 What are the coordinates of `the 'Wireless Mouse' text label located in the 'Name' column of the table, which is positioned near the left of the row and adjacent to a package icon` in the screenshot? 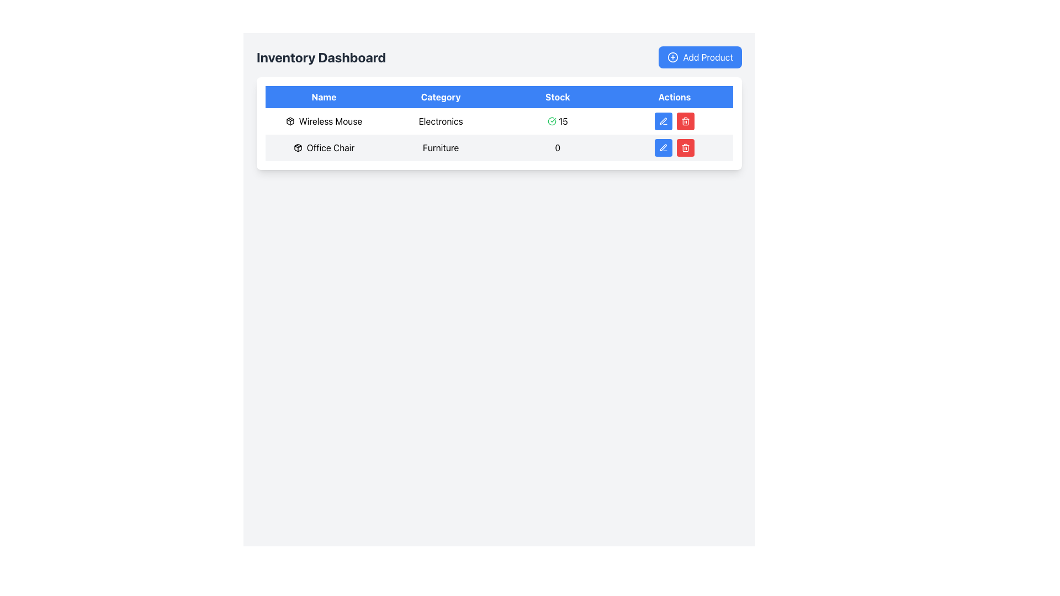 It's located at (330, 121).